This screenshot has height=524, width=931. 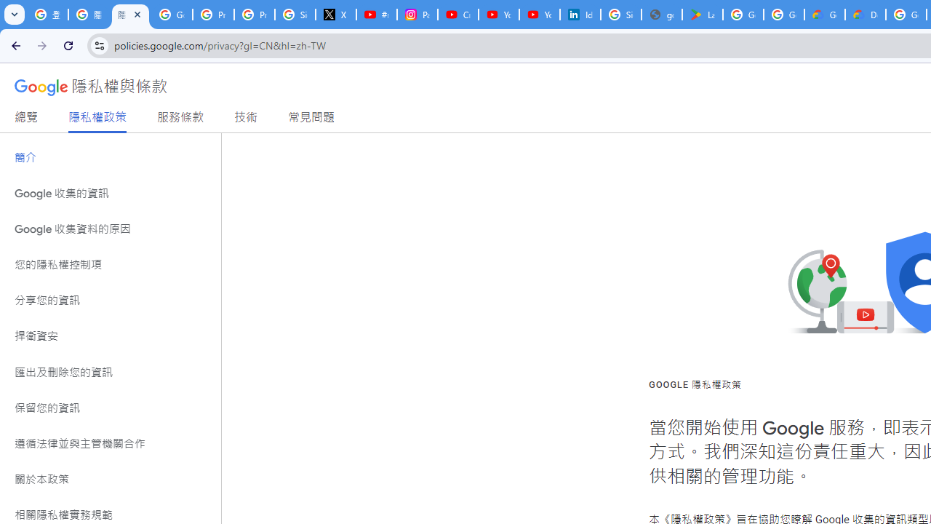 I want to click on 'Government | Google Cloud', so click(x=825, y=15).